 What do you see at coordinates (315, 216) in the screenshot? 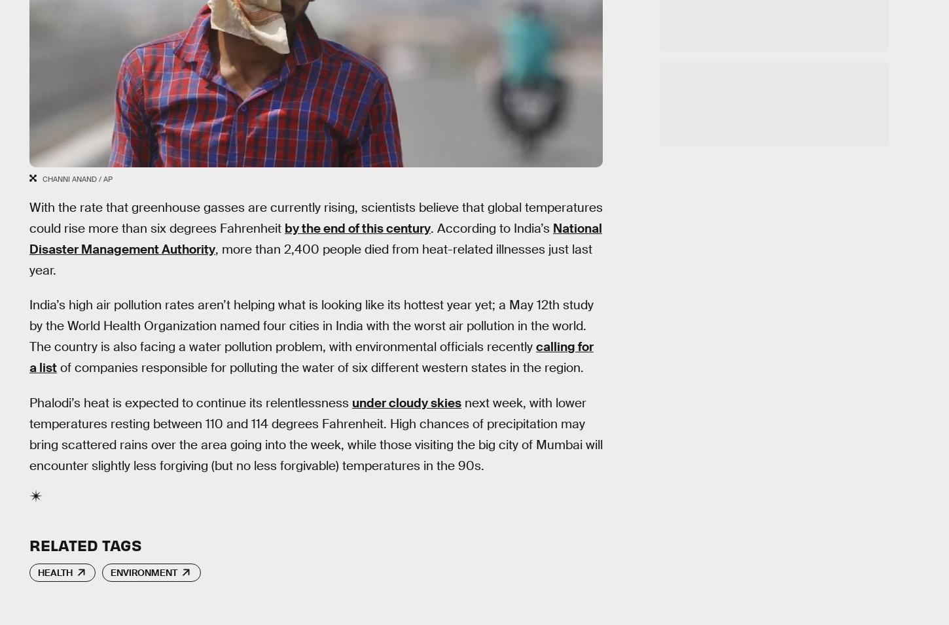
I see `'With the rate that greenhouse gasses are currently rising, scientists believe that global temperatures could rise more than six degrees Fahrenheit'` at bounding box center [315, 216].